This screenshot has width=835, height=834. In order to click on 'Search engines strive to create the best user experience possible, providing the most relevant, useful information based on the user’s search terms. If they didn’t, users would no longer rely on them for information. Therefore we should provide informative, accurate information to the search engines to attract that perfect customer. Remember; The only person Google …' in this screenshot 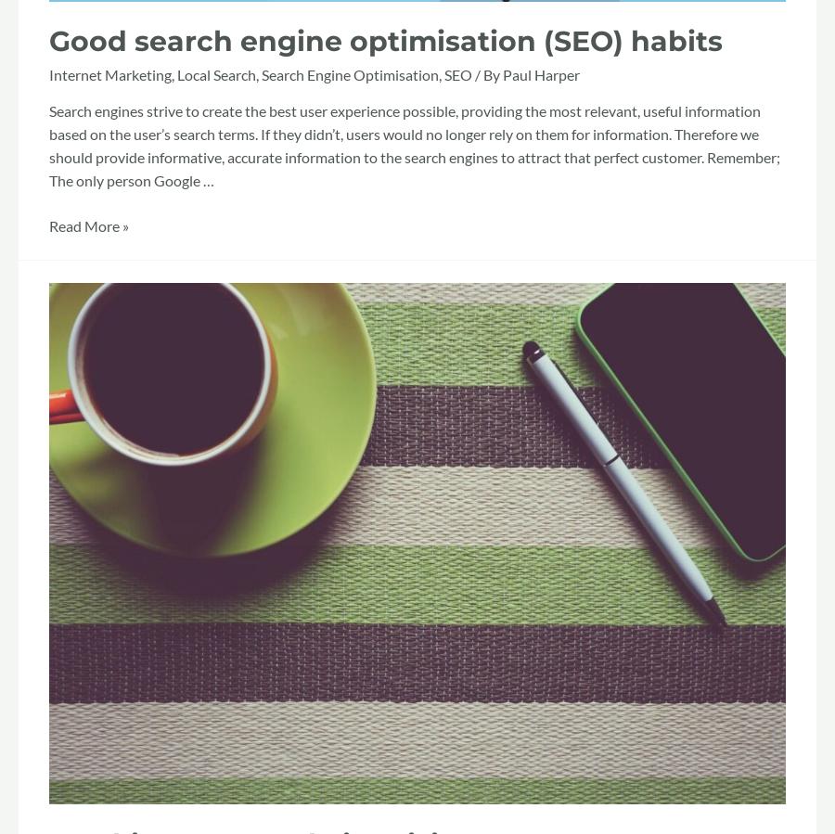, I will do `click(415, 145)`.